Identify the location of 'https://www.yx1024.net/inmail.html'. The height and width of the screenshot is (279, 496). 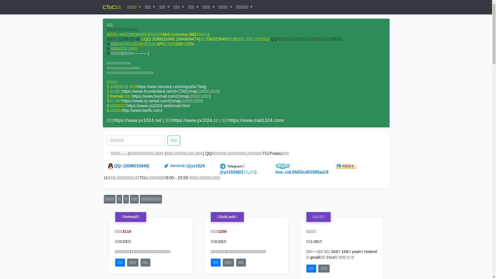
(158, 105).